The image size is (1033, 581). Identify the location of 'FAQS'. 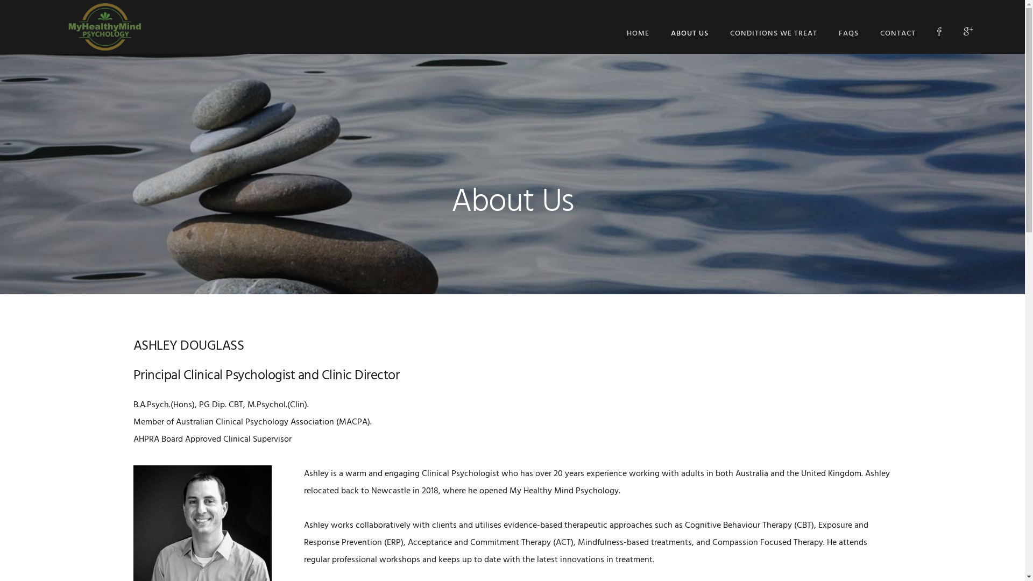
(848, 33).